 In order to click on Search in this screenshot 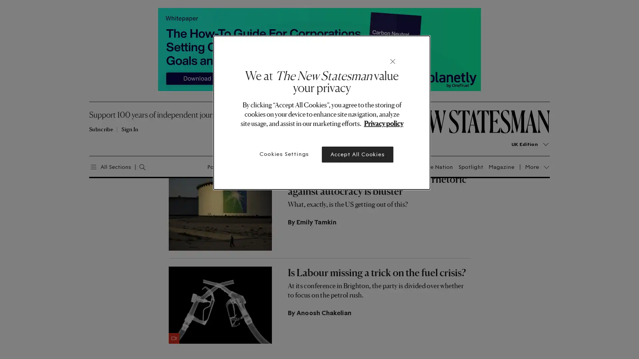, I will do `click(135, 166)`.